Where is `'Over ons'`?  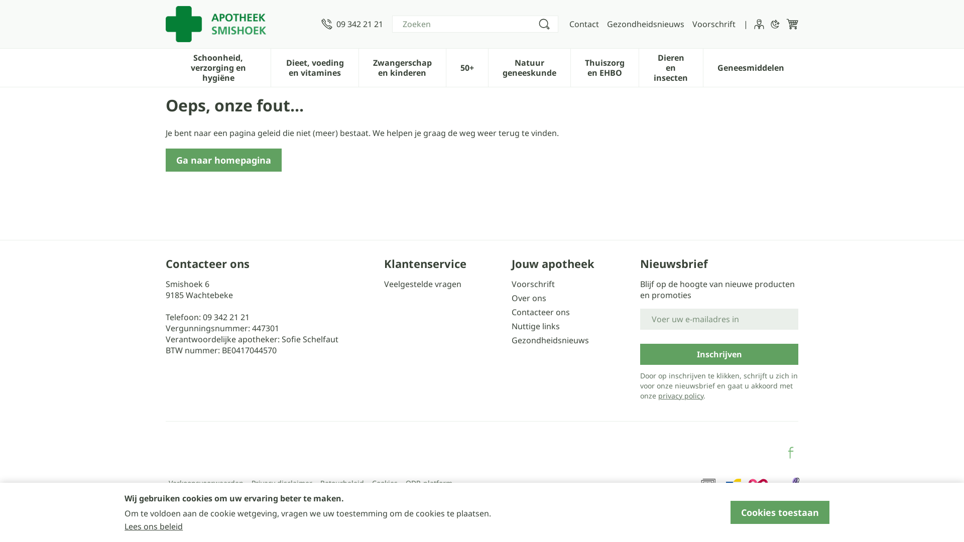
'Over ons' is located at coordinates (571, 298).